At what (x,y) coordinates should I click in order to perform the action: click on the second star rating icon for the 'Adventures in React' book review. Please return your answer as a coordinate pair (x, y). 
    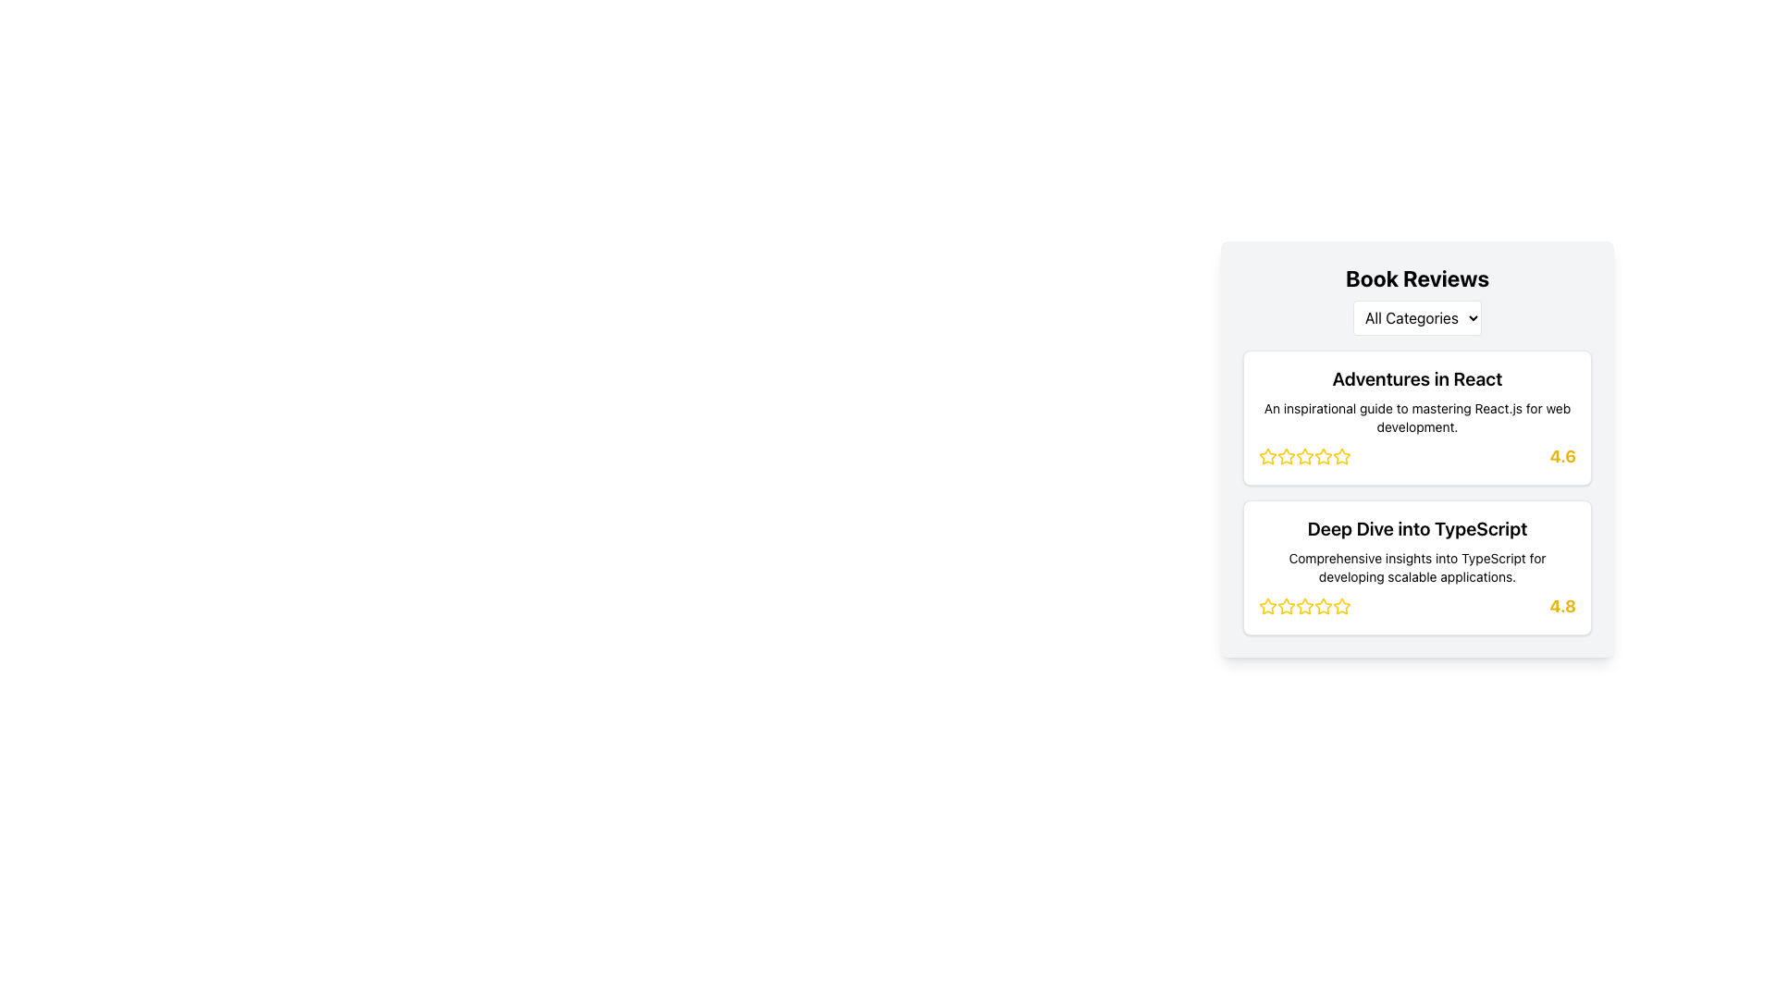
    Looking at the image, I should click on (1303, 456).